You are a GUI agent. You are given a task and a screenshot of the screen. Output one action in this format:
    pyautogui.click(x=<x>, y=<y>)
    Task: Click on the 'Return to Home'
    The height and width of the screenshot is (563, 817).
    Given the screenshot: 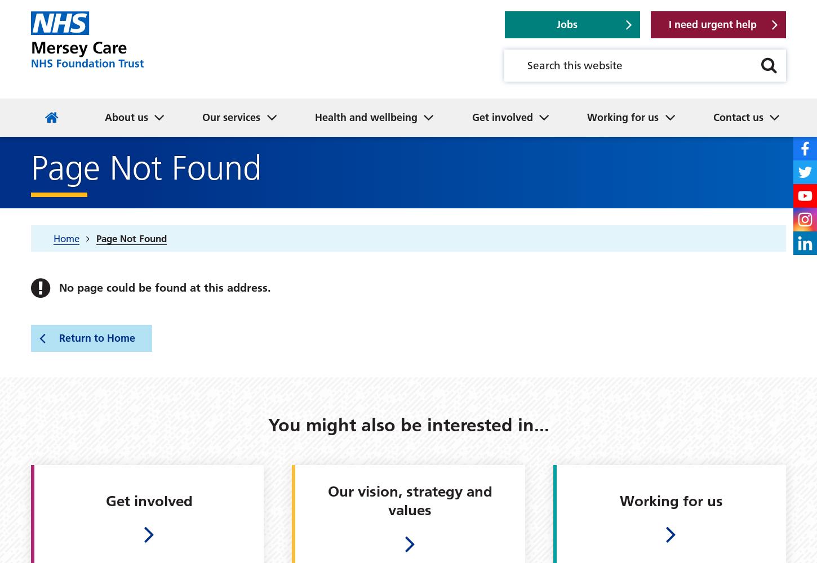 What is the action you would take?
    pyautogui.click(x=59, y=337)
    